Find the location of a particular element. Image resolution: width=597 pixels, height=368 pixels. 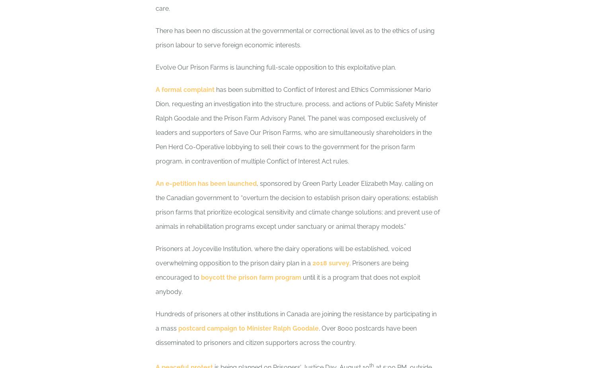

'. Over 8000 postcards have been disseminated to prisoners and citizen supporters across the country.' is located at coordinates (285, 335).